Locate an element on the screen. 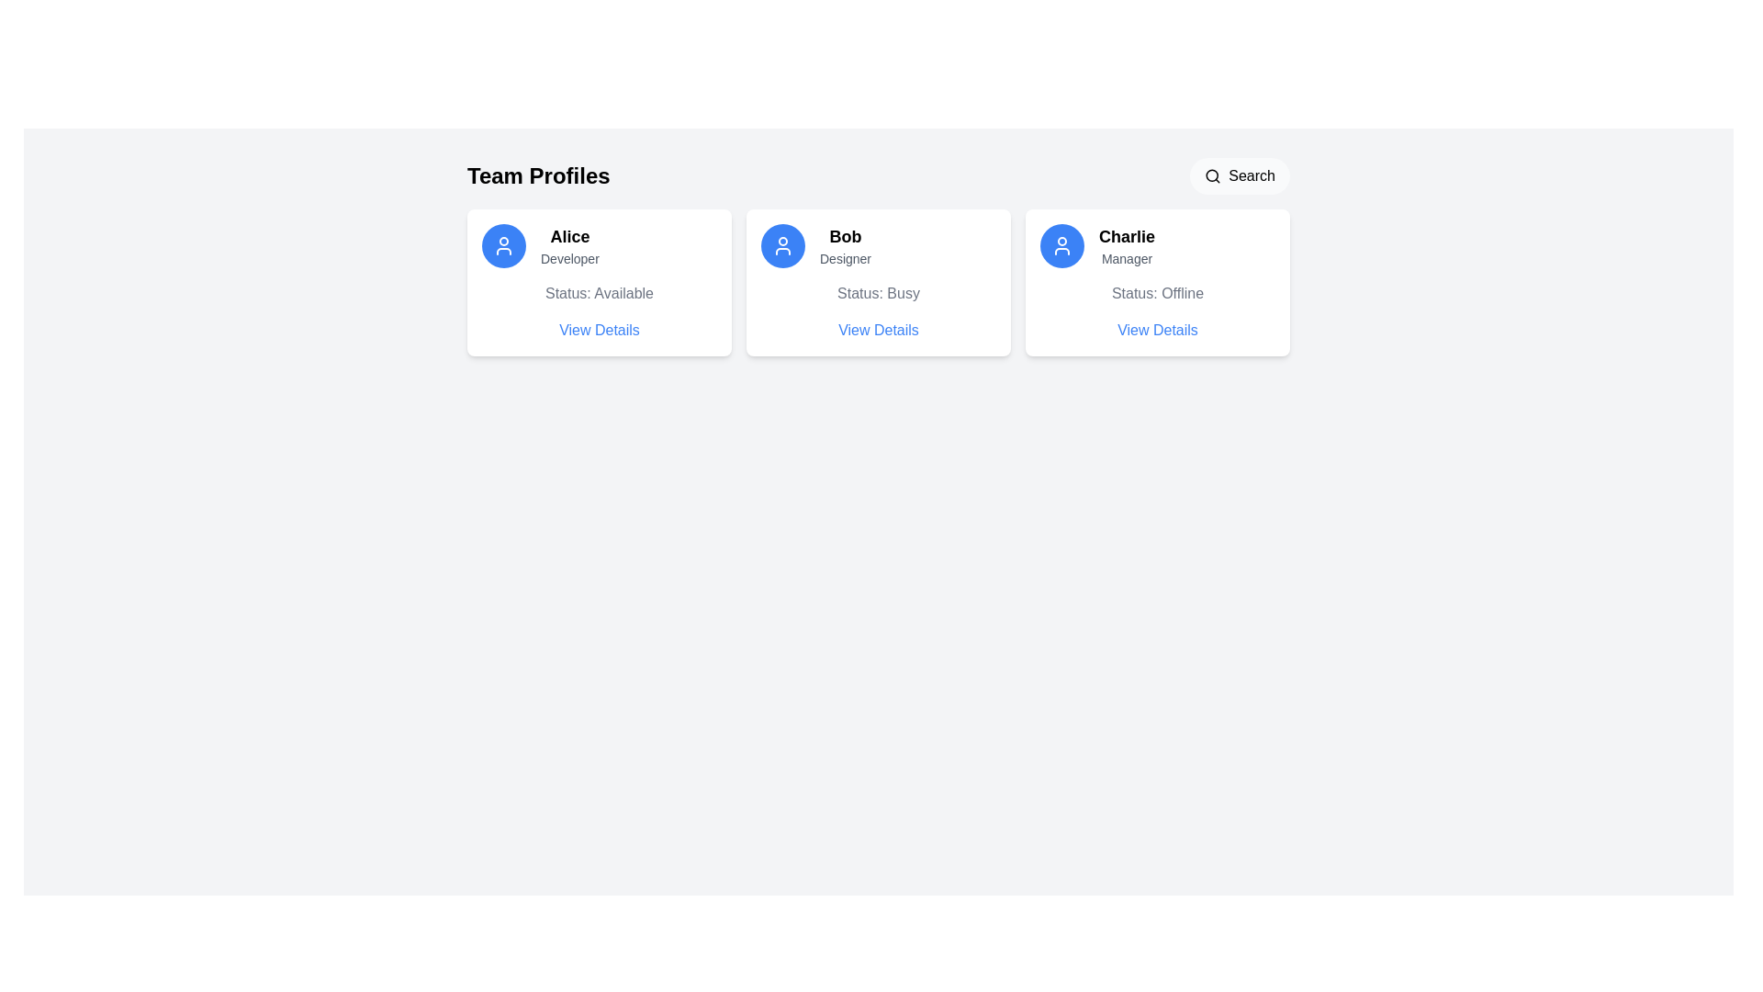  the availability status label indicating 'Available' for user Alice, located below the name and role description and above the 'View Details' link is located at coordinates (599, 293).